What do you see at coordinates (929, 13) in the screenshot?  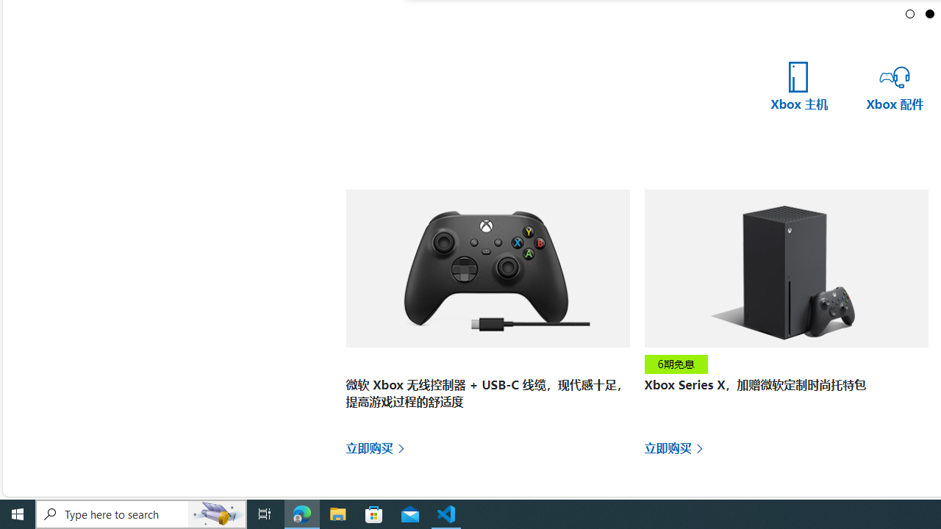 I see `'Go to slide 2'` at bounding box center [929, 13].